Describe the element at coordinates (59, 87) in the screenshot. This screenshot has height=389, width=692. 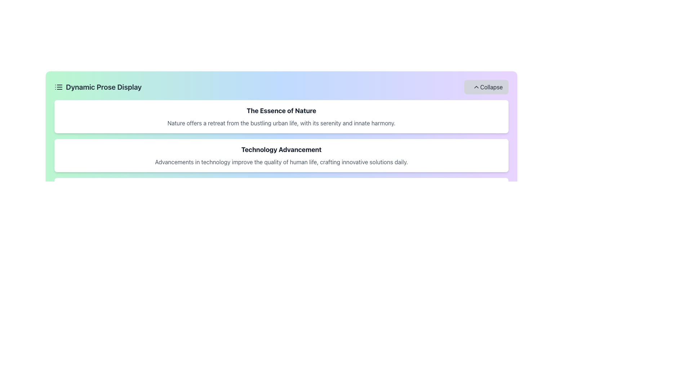
I see `the icon located to the left of the text 'Dynamic Prose Display' in the header section` at that location.